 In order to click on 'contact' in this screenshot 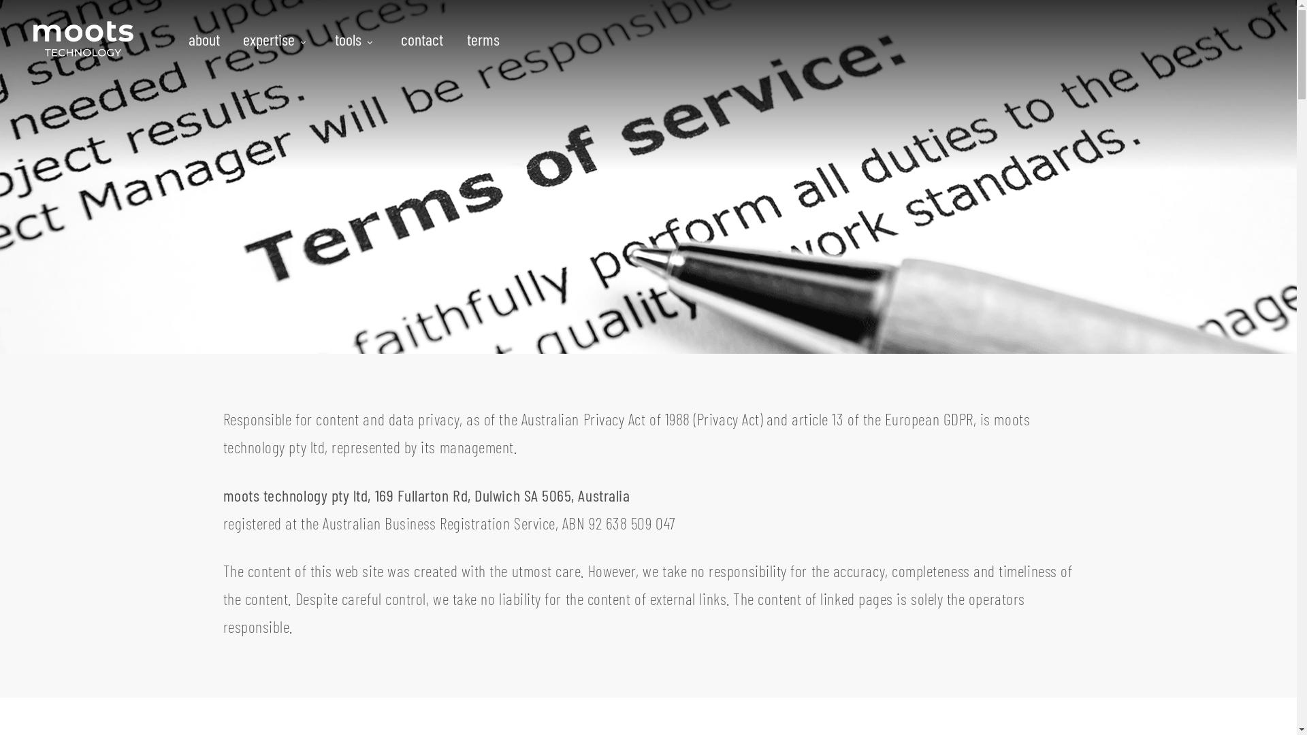, I will do `click(421, 38)`.